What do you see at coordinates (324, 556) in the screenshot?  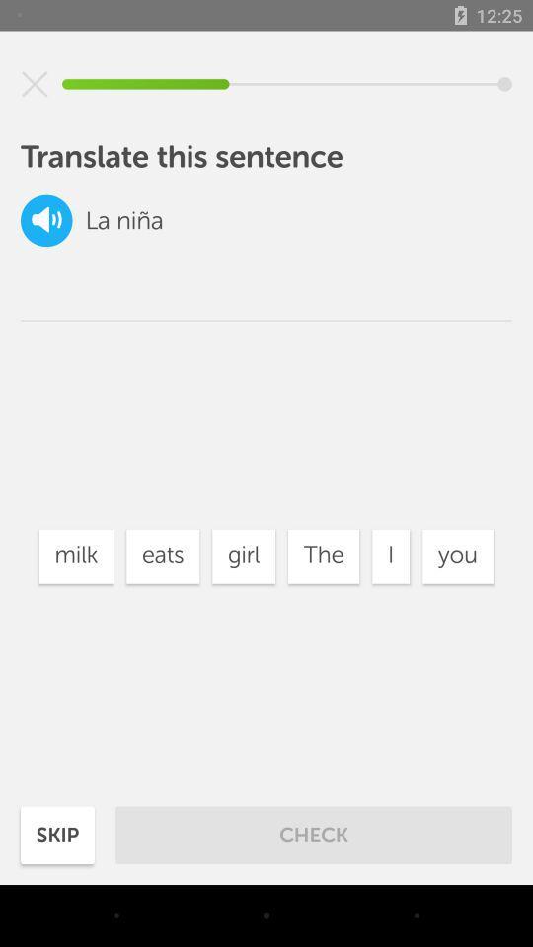 I see `icon next to the girl item` at bounding box center [324, 556].